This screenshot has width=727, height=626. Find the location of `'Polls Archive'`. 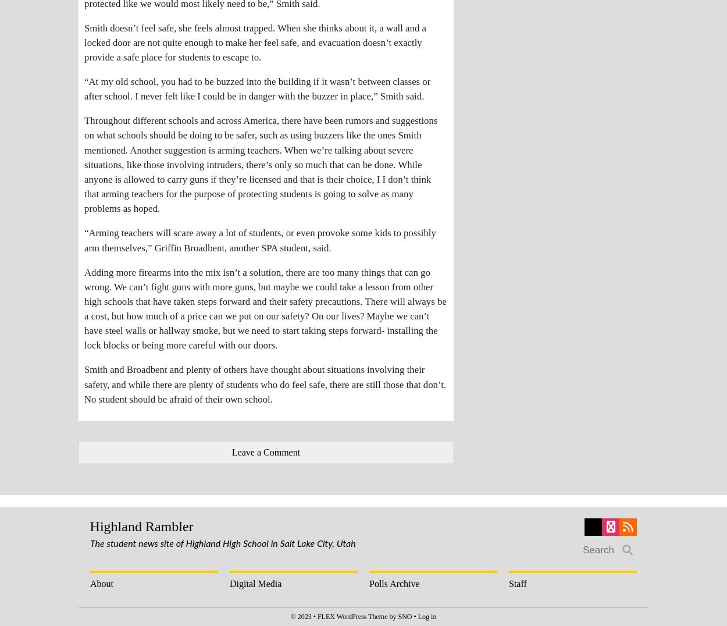

'Polls Archive' is located at coordinates (394, 582).